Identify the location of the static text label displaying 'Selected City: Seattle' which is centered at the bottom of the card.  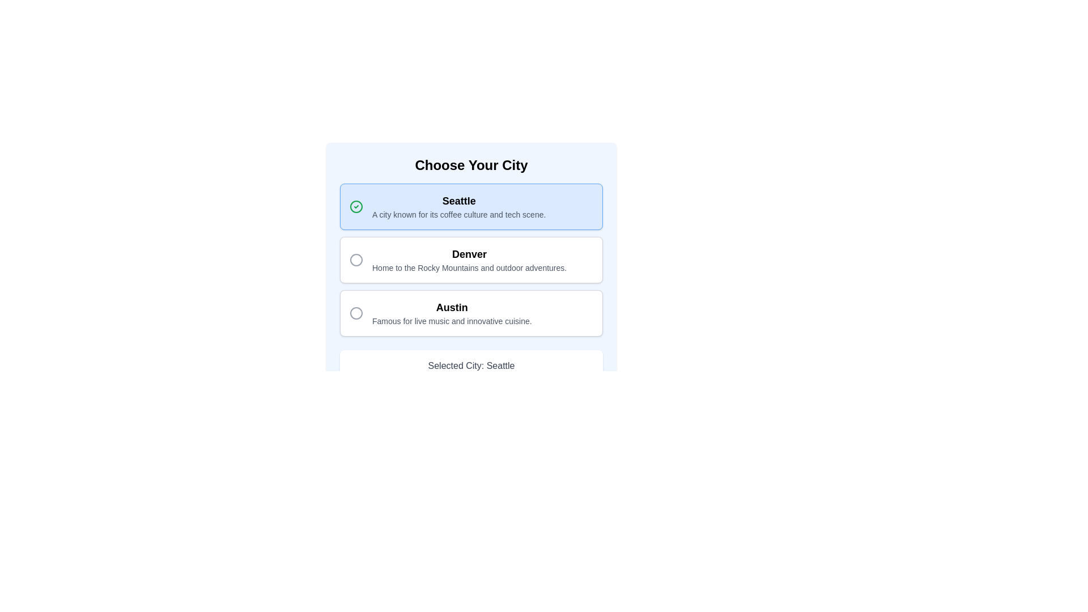
(471, 365).